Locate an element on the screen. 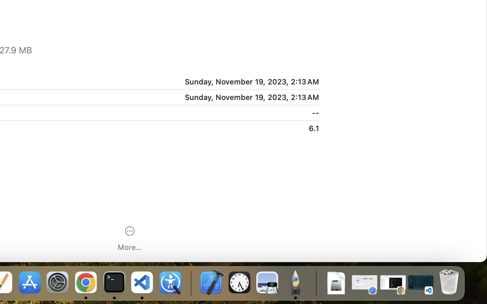  '0.4285714328289032' is located at coordinates (190, 283).